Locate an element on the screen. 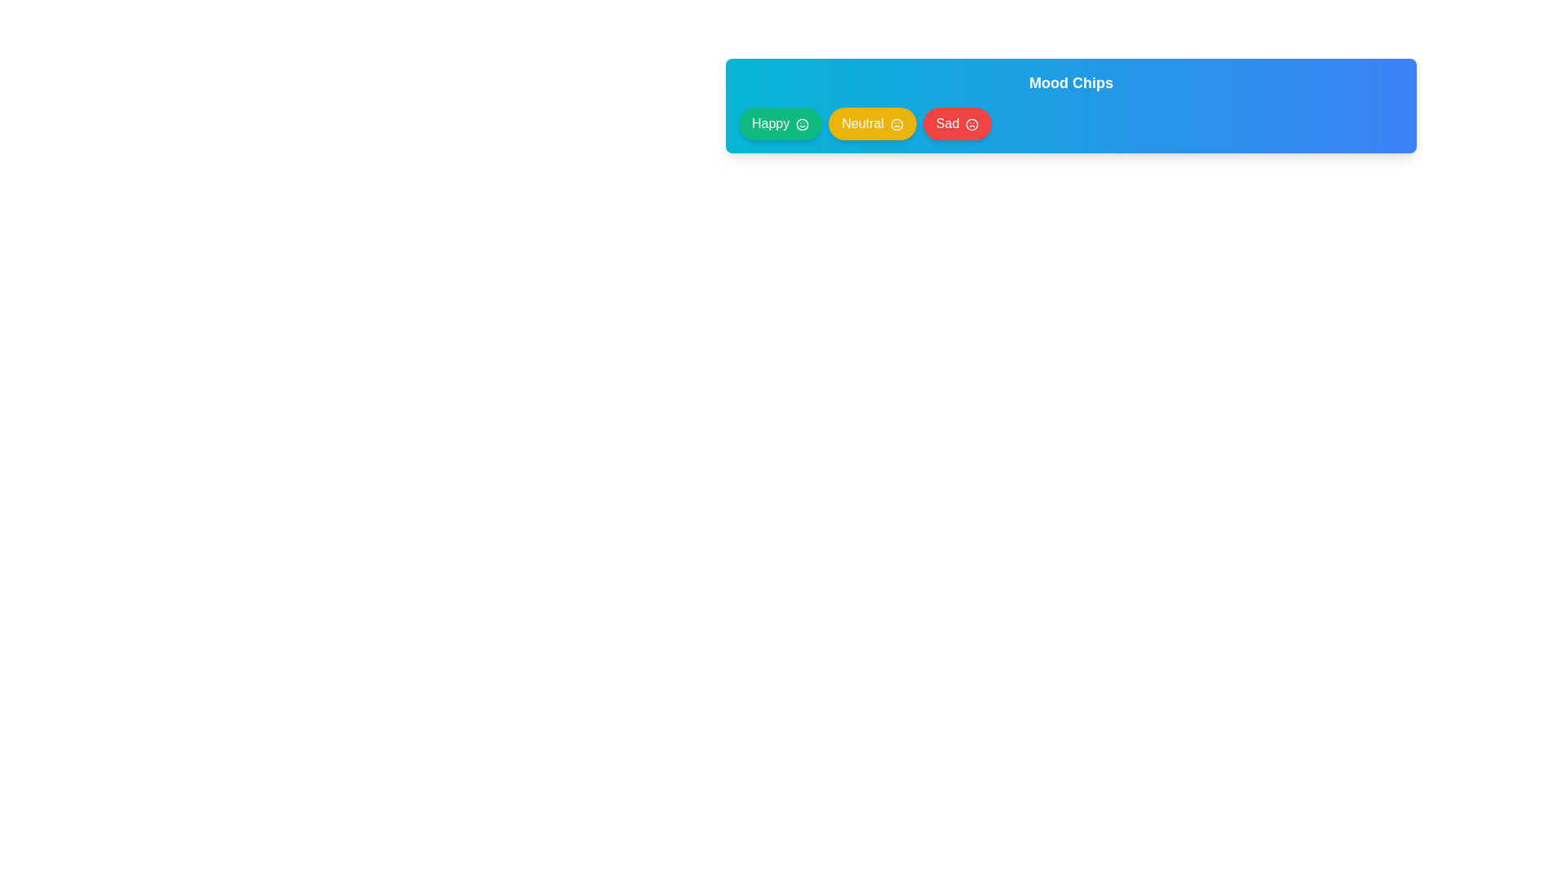 The width and height of the screenshot is (1566, 881). the smiley face icon located on the right side of the 'Happy' button, which has a green background and rounded corners, to potentially display a tooltip is located at coordinates (803, 123).